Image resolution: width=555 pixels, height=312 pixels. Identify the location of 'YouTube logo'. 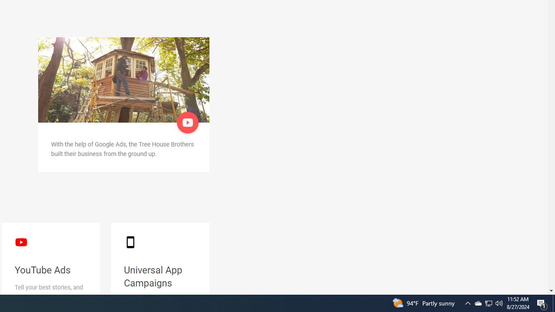
(21, 242).